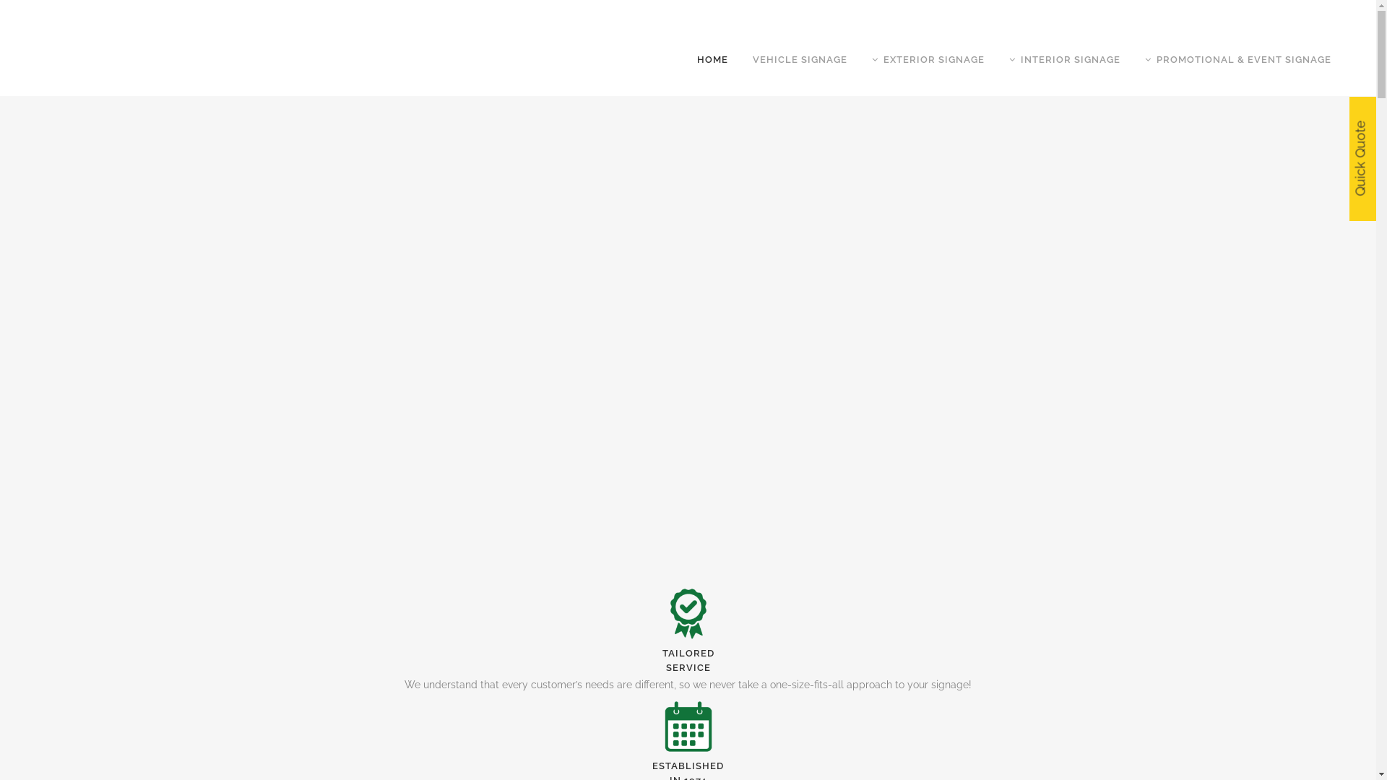 This screenshot has height=780, width=1387. Describe the element at coordinates (799, 59) in the screenshot. I see `'VEHICLE SIGNAGE'` at that location.